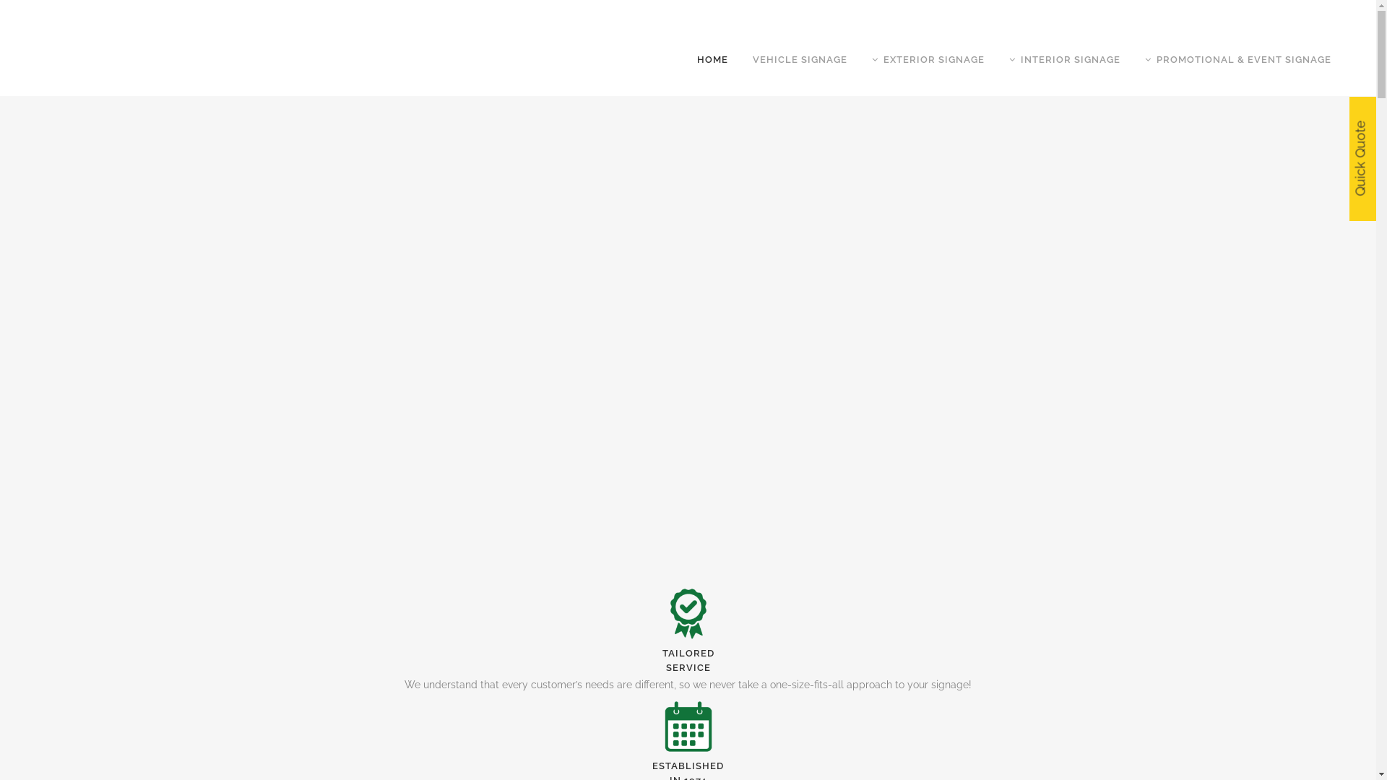 This screenshot has height=780, width=1387. Describe the element at coordinates (799, 59) in the screenshot. I see `'VEHICLE SIGNAGE'` at that location.